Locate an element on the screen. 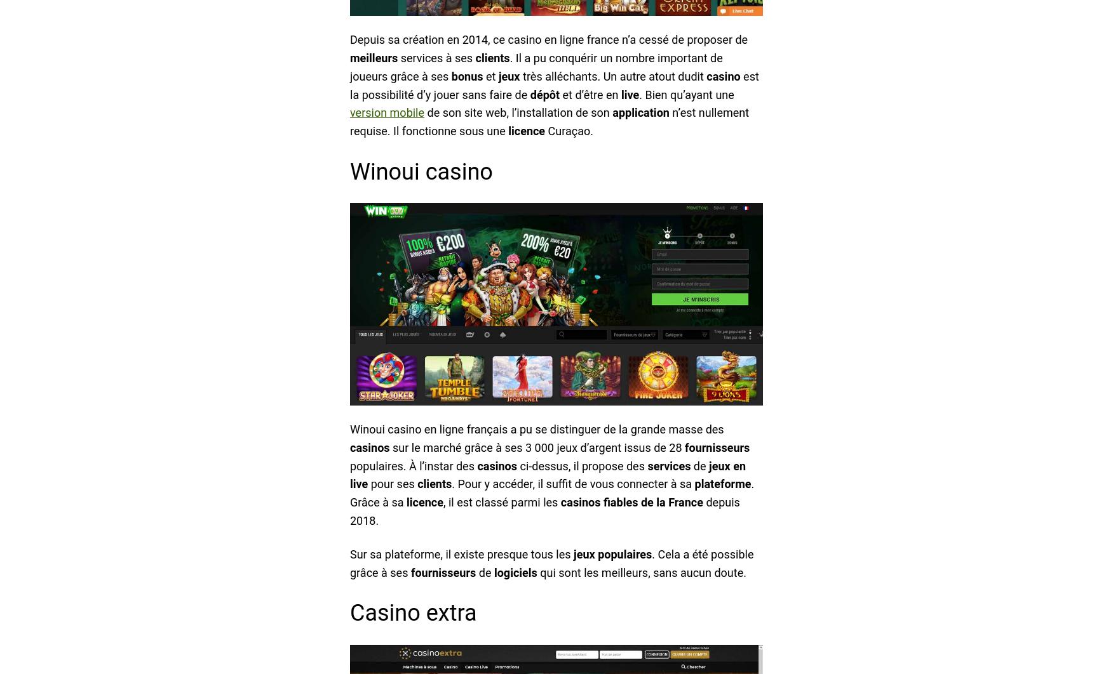  'populaires' is located at coordinates (624, 553).